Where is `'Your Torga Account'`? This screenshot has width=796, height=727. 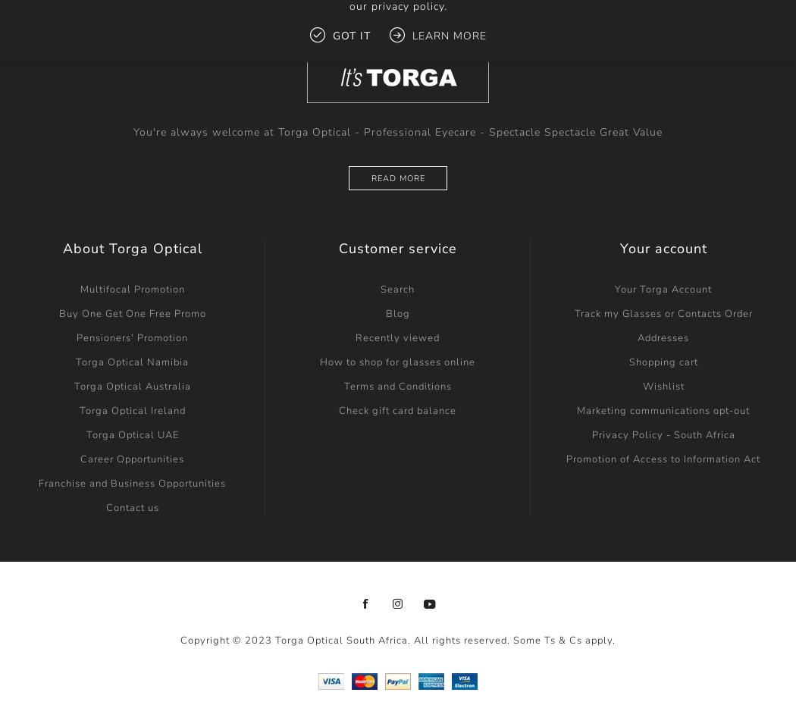 'Your Torga Account' is located at coordinates (662, 289).